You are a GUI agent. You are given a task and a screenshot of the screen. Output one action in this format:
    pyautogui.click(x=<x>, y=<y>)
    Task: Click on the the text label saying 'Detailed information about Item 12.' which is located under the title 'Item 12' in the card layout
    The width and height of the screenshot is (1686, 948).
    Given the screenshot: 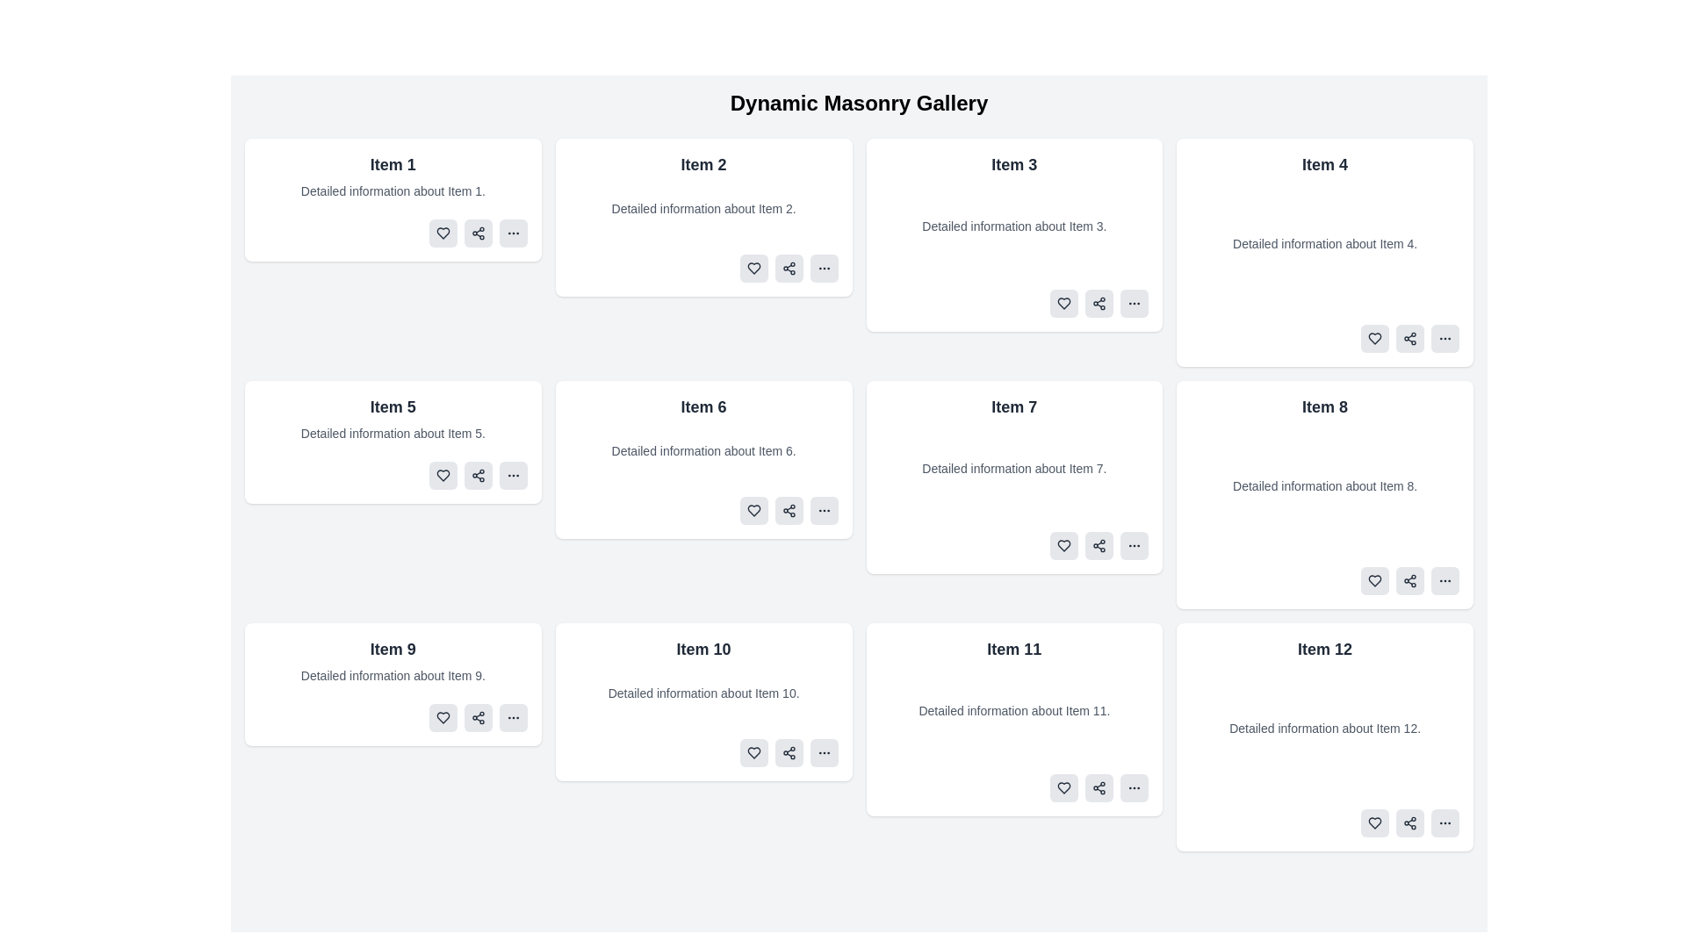 What is the action you would take?
    pyautogui.click(x=1325, y=728)
    